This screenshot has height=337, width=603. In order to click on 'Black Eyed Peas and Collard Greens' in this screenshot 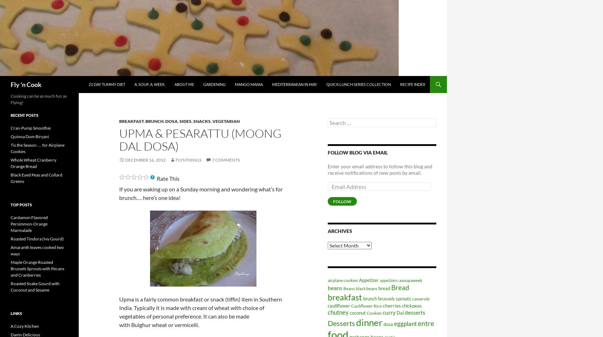, I will do `click(37, 178)`.